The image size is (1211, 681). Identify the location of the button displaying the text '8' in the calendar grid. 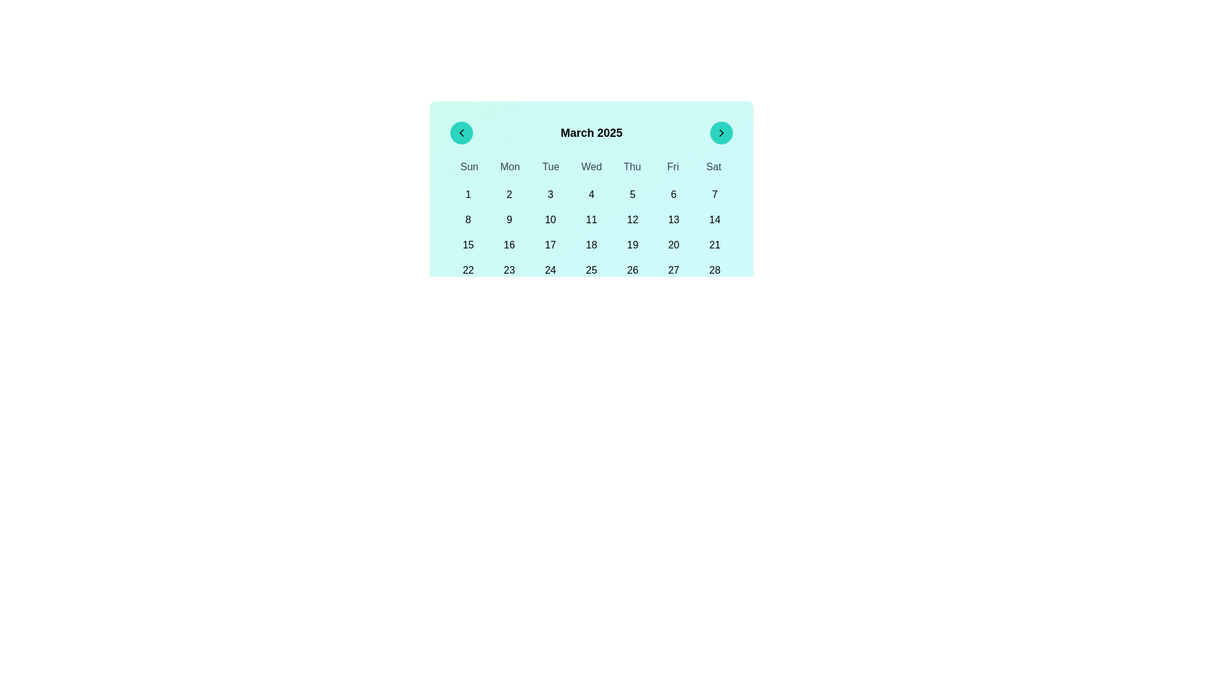
(467, 219).